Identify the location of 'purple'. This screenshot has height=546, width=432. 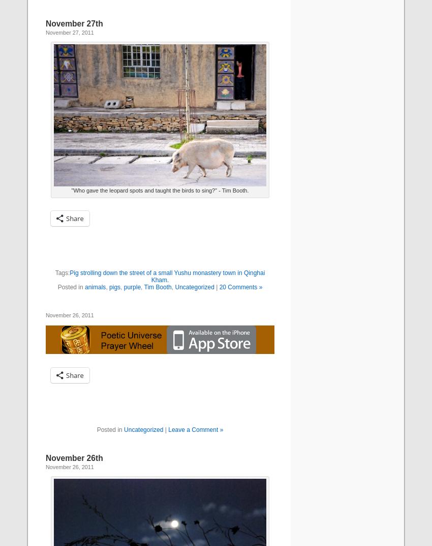
(124, 286).